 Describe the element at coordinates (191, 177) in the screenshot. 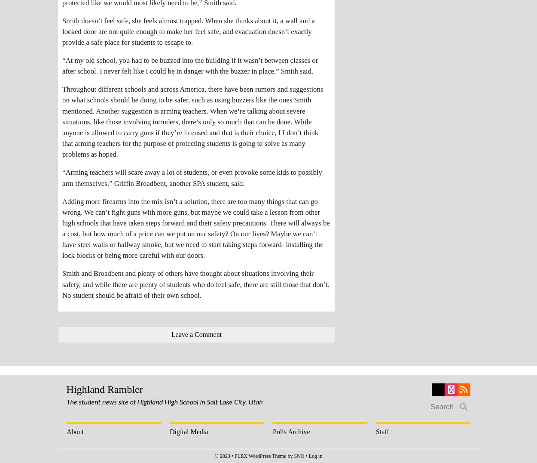

I see `'“Arming teachers will scare away a lot of students, or even provoke some kids to possibly arm themselves,” Griffin Broadbent, another SPA student, said.'` at that location.